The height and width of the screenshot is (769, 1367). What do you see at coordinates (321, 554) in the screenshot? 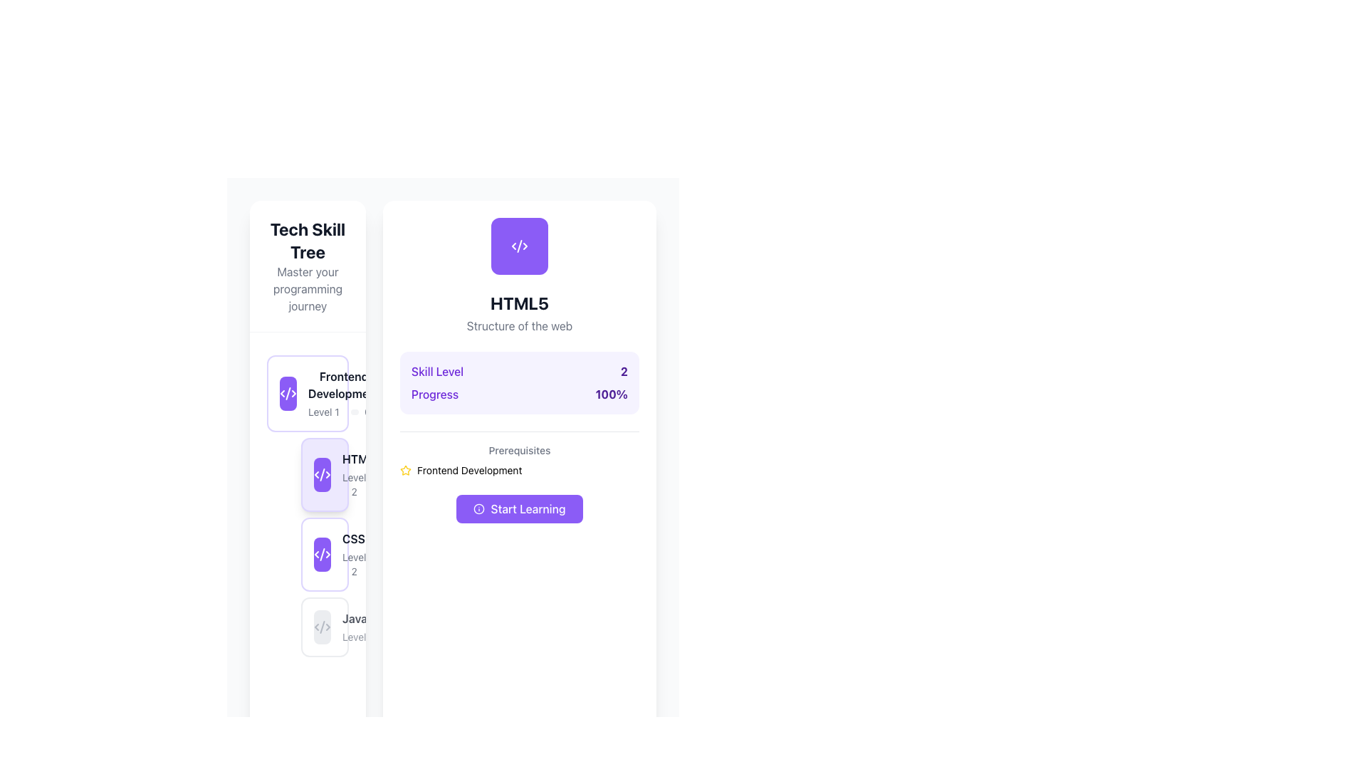
I see `the CSS3 icon located to the left of the text 'CSS3 Level 2 80%'` at bounding box center [321, 554].